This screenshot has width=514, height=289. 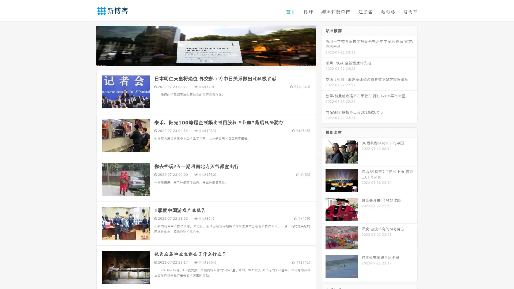 What do you see at coordinates (88, 45) in the screenshot?
I see `Previous slide` at bounding box center [88, 45].